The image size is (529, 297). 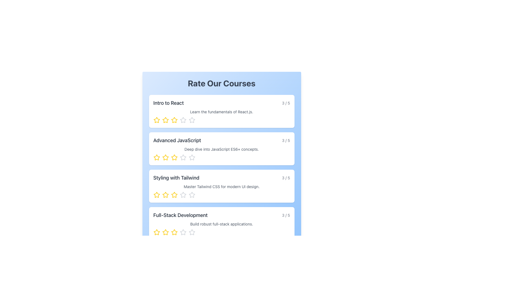 What do you see at coordinates (174, 120) in the screenshot?
I see `the third star icon for the 'Intro to React' course` at bounding box center [174, 120].